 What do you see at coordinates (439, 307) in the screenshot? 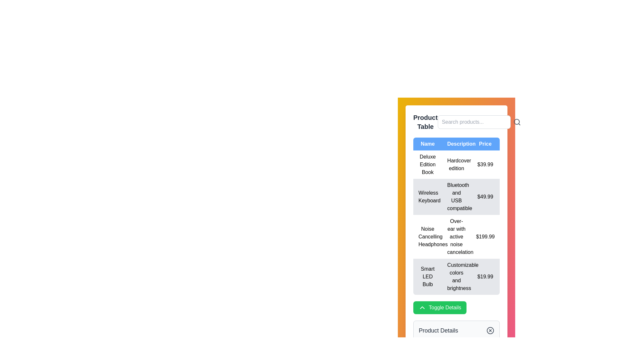
I see `the 'Toggle Details' button, which has a green background and white text, located at the bottom of the product information panel` at bounding box center [439, 307].